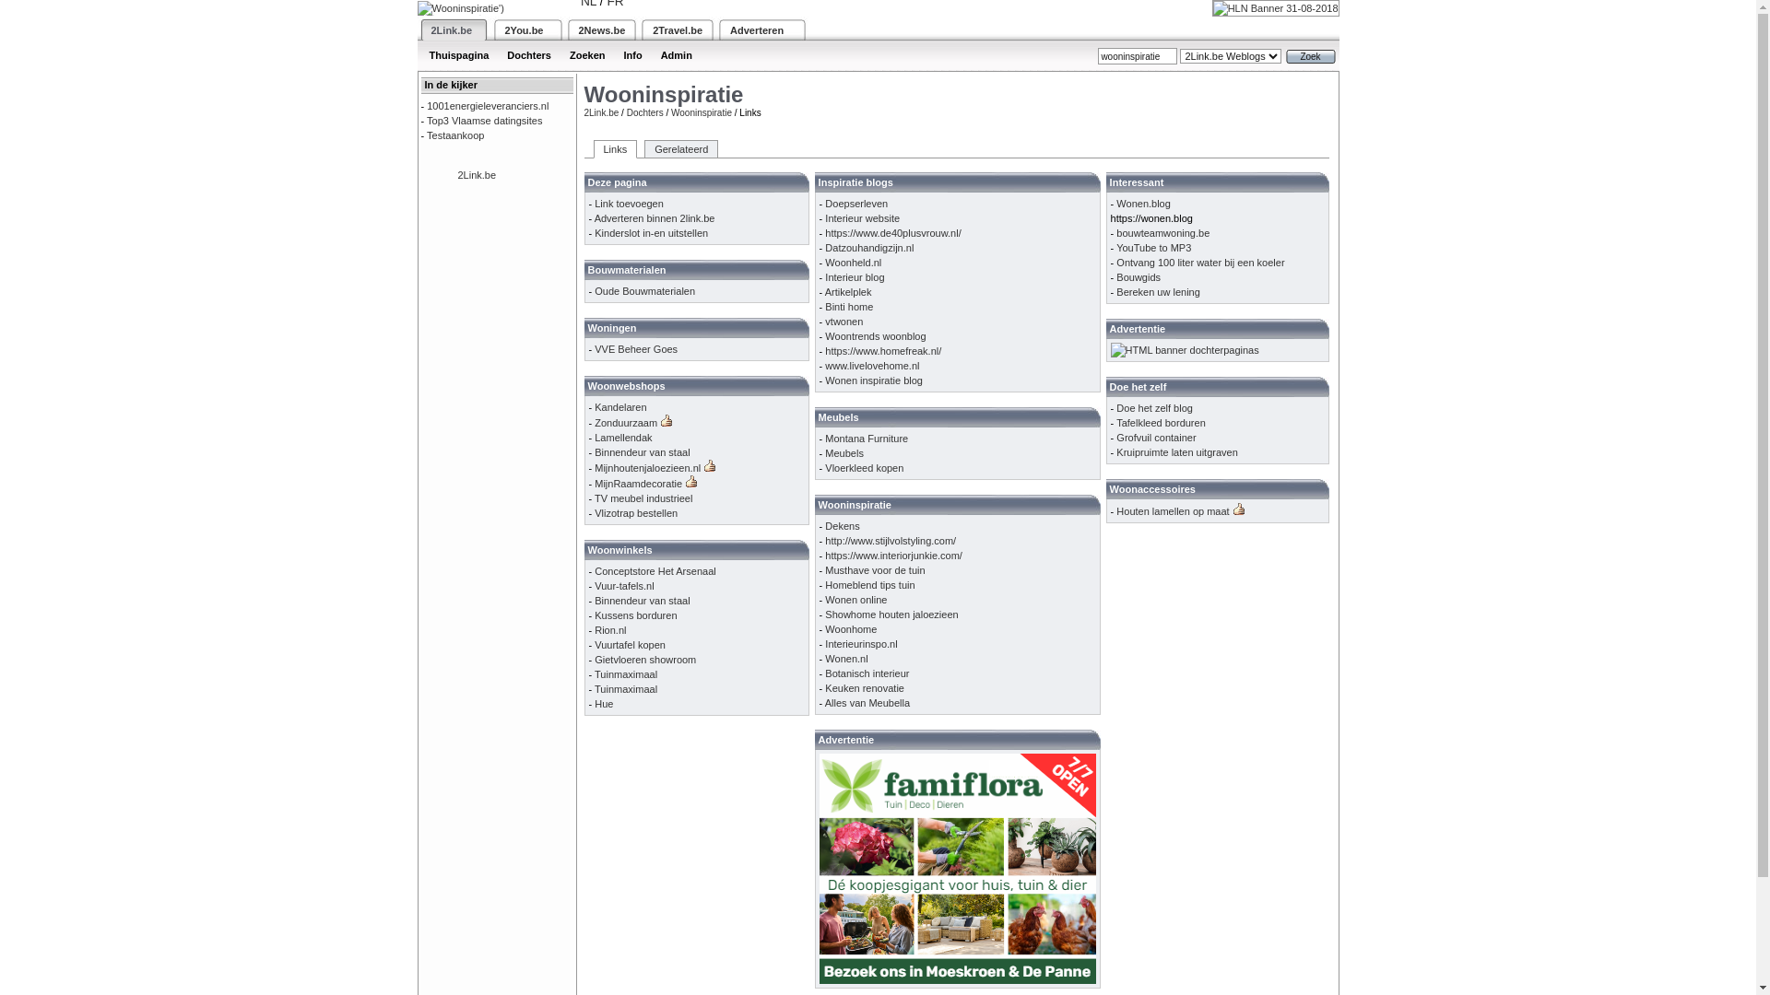  Describe the element at coordinates (625, 674) in the screenshot. I see `'Tuinmaximaal'` at that location.